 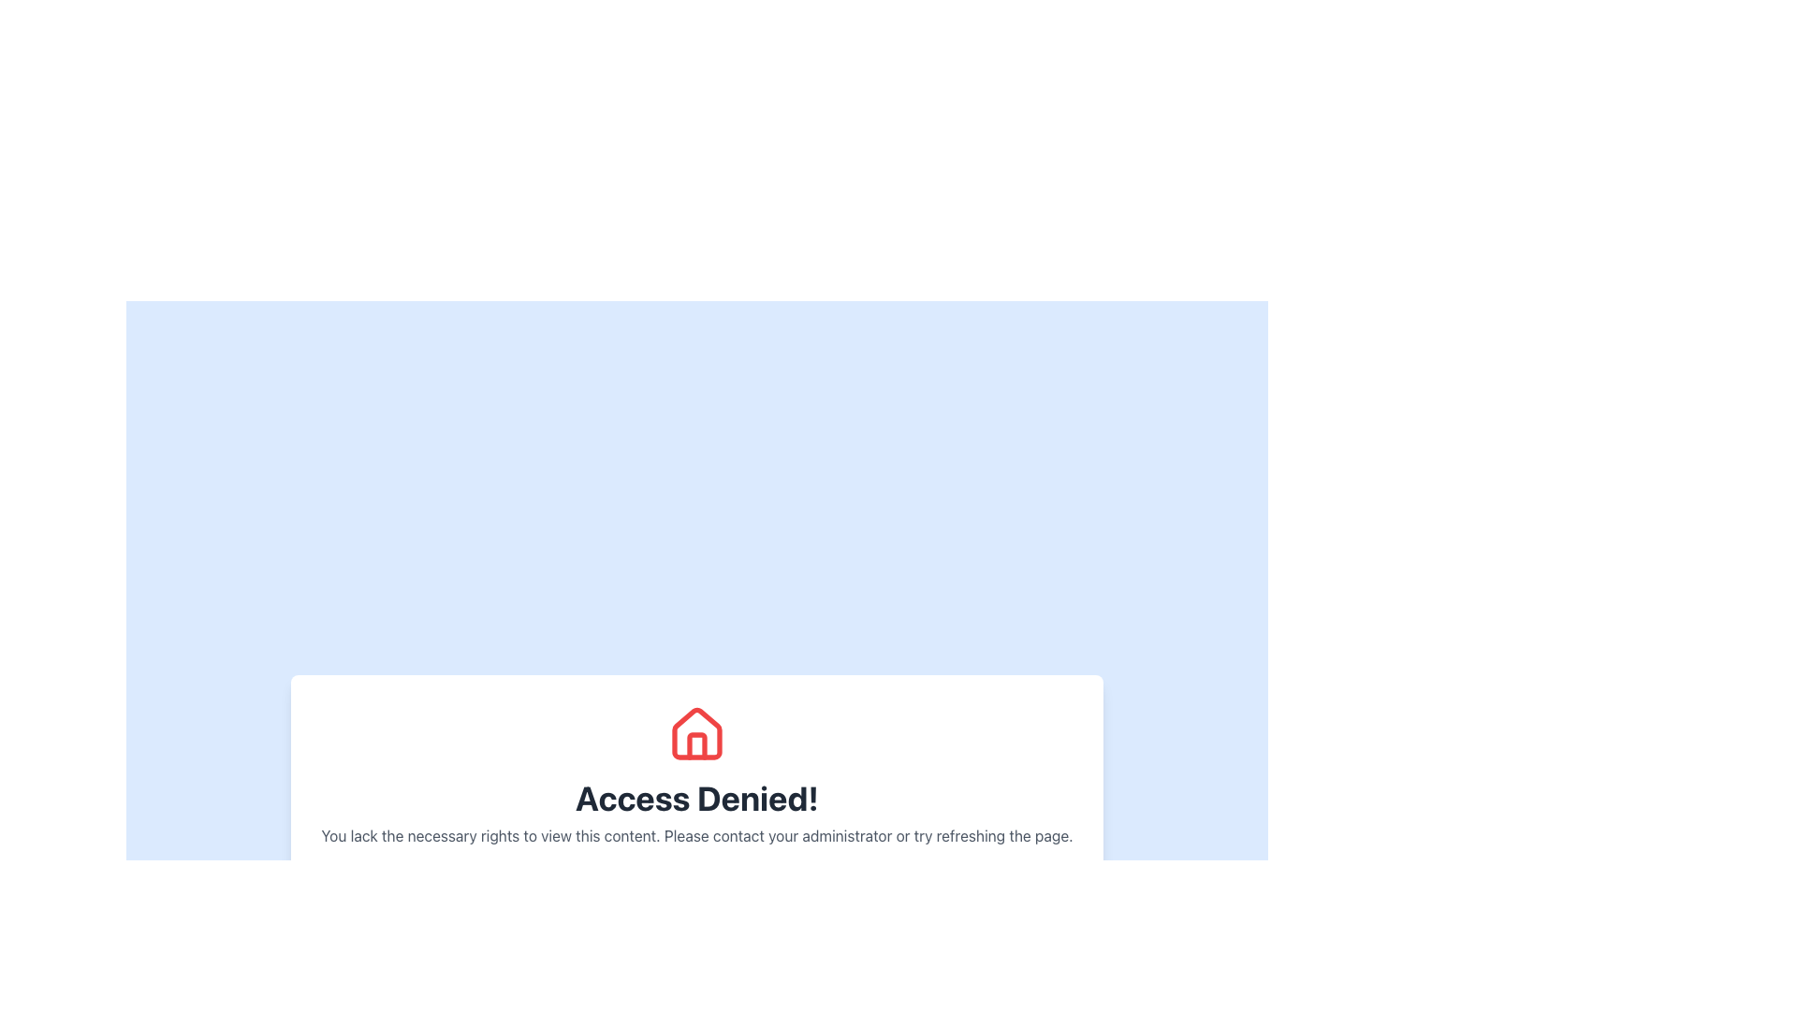 I want to click on informative message displayed in the static text element located beneath the 'Access Denied!' heading and above the 'Back Home' and 'Retry' buttons, so click(x=695, y=835).